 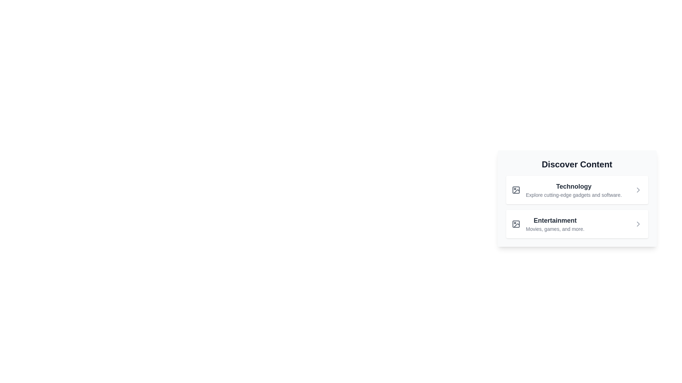 I want to click on the right-facing chevron arrow icon located at the far-right side of the 'Entertainment' listing in the Discover Content section, so click(x=638, y=224).